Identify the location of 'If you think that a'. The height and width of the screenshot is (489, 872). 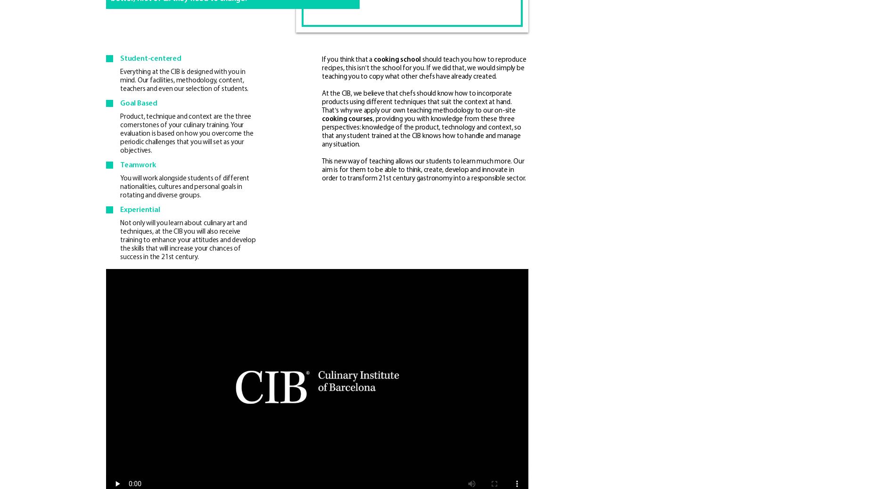
(347, 59).